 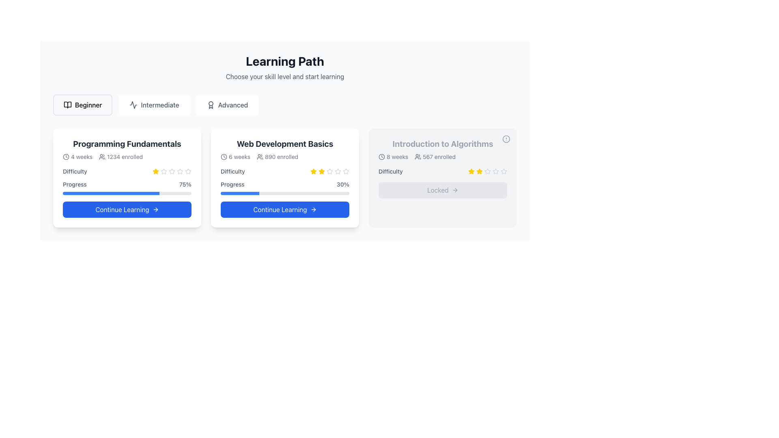 What do you see at coordinates (82, 104) in the screenshot?
I see `the 'Beginner' button, which is the first of three buttons in a horizontal row` at bounding box center [82, 104].